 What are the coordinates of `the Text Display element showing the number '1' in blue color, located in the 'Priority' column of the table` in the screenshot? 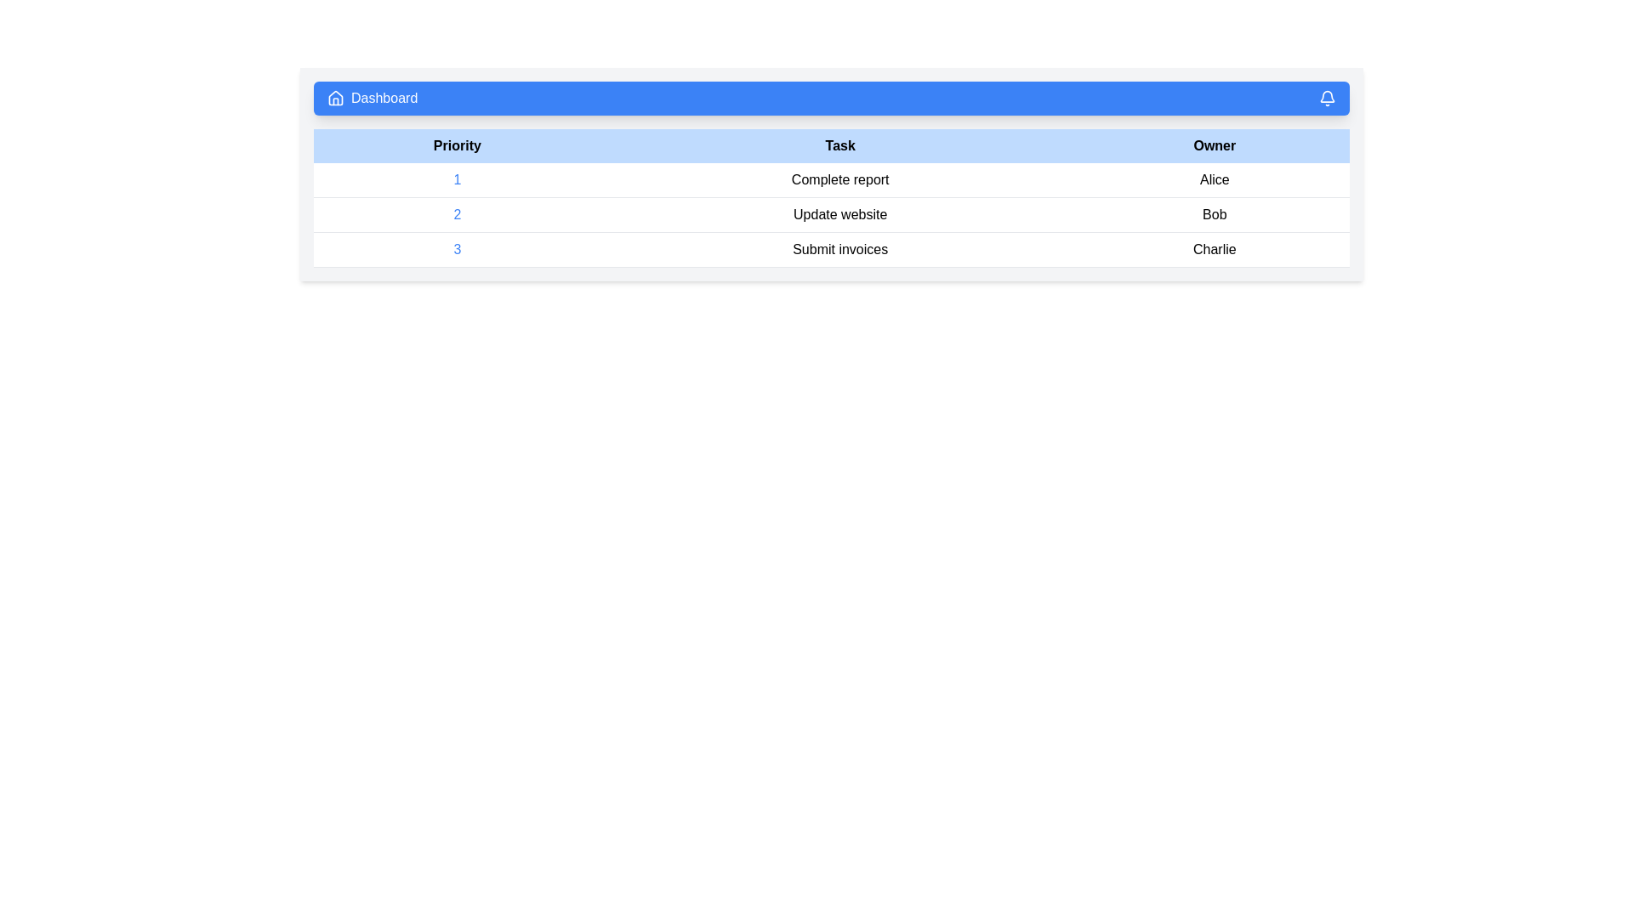 It's located at (457, 180).